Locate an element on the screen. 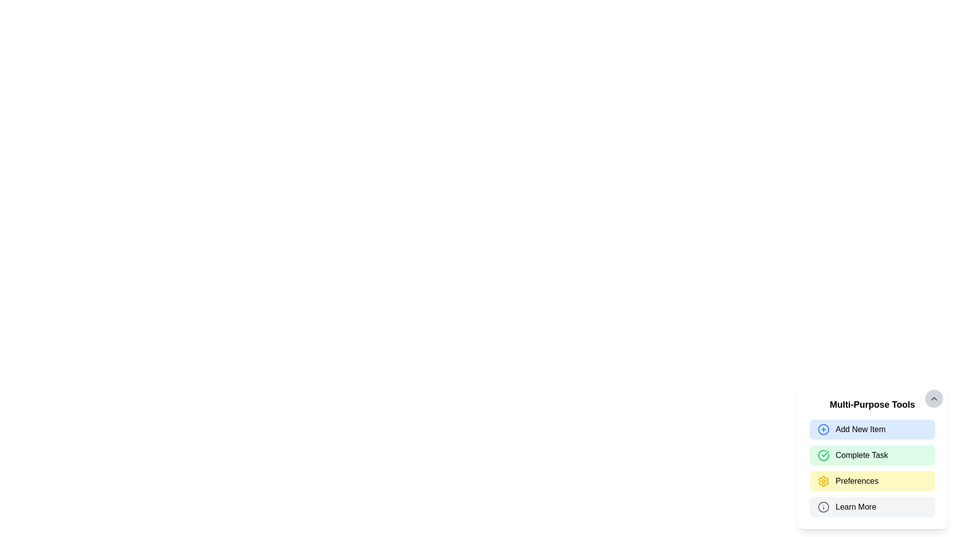 This screenshot has height=537, width=955. the 'Preferences' label, which is a textual label with black text on a yellow background, located in the third item of a vertical list inside a sidebar is located at coordinates (857, 481).